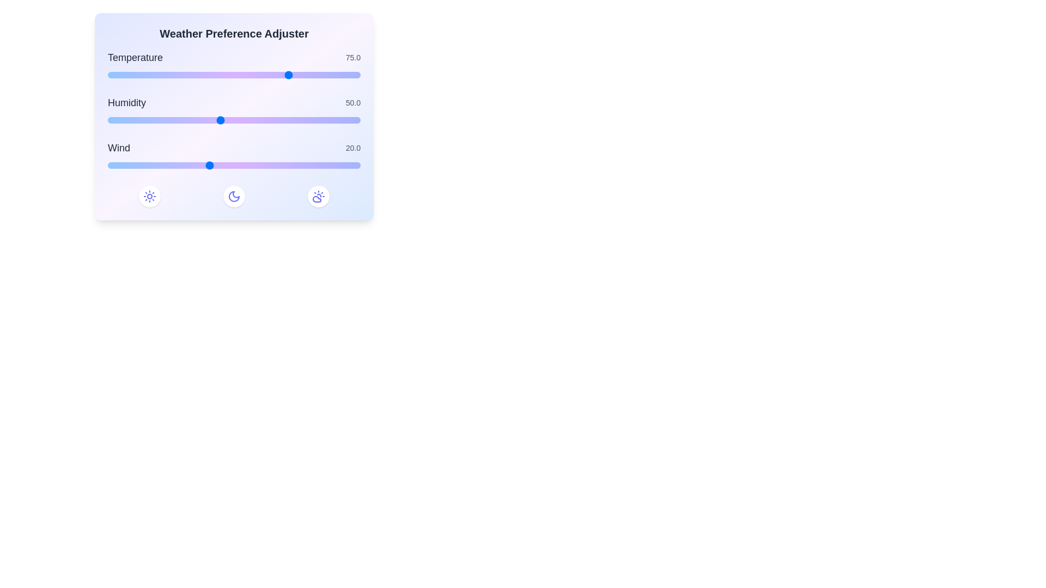  I want to click on wind preference, so click(193, 166).